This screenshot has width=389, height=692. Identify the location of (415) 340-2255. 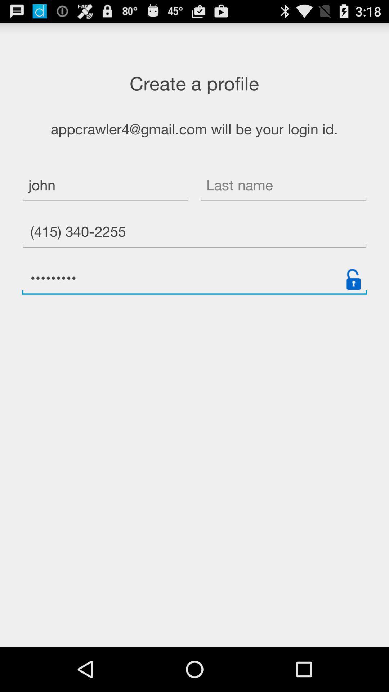
(194, 233).